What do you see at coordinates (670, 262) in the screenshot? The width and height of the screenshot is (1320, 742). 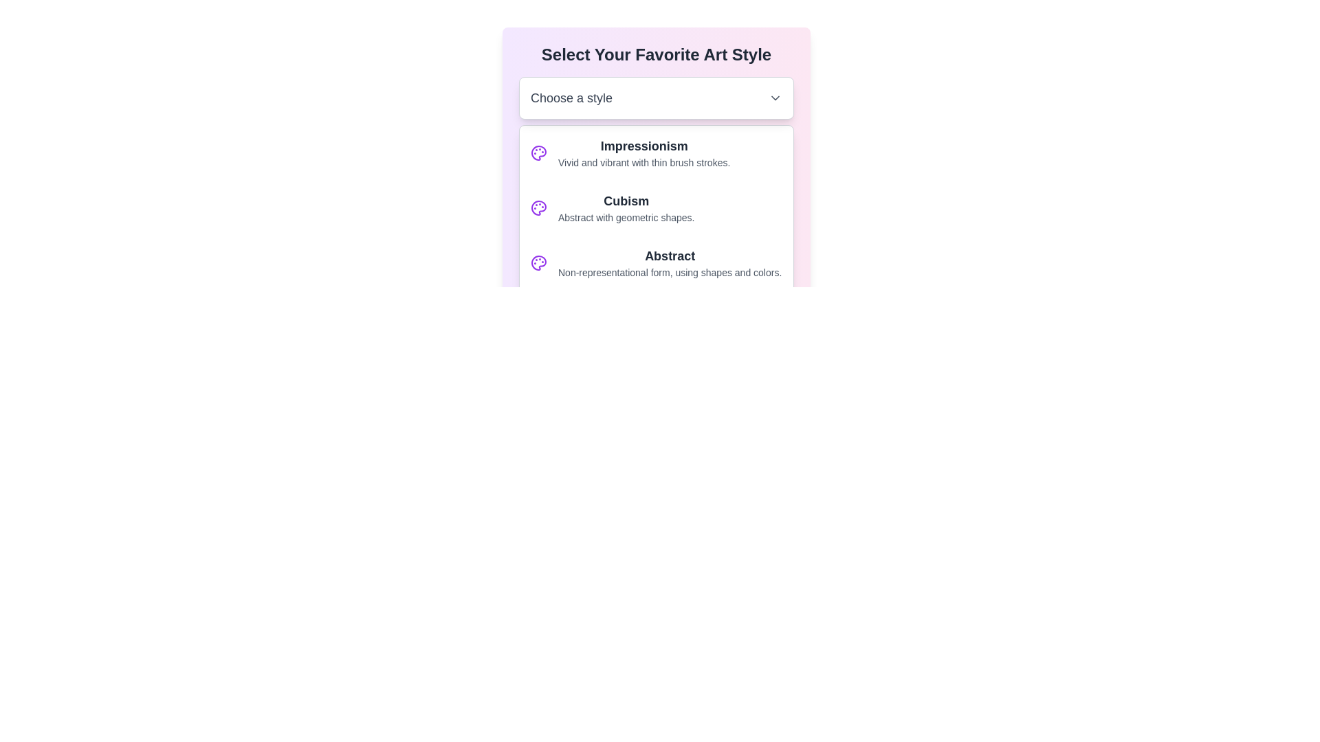 I see `the 'Abstract' art style option, which is located in the third row of the selection menu` at bounding box center [670, 262].